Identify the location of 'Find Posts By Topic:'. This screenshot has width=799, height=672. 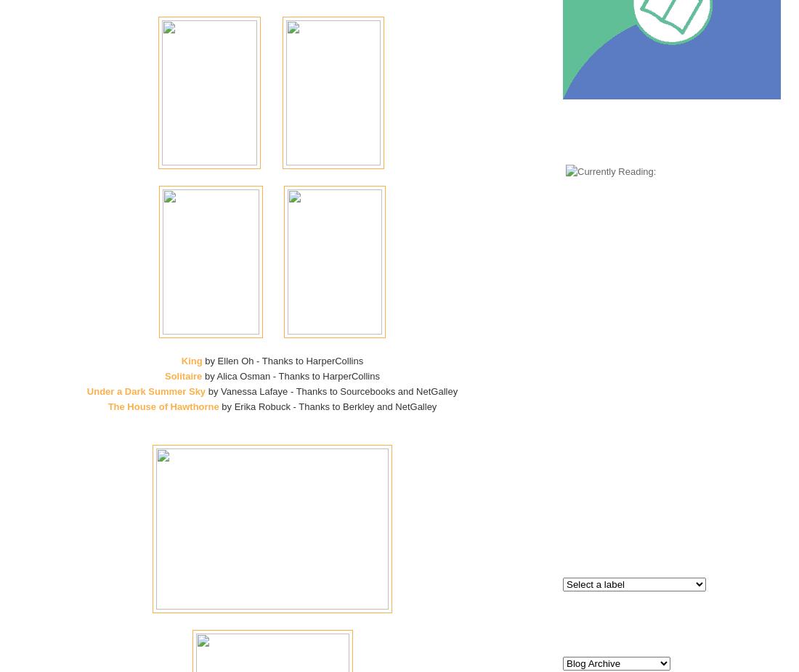
(671, 539).